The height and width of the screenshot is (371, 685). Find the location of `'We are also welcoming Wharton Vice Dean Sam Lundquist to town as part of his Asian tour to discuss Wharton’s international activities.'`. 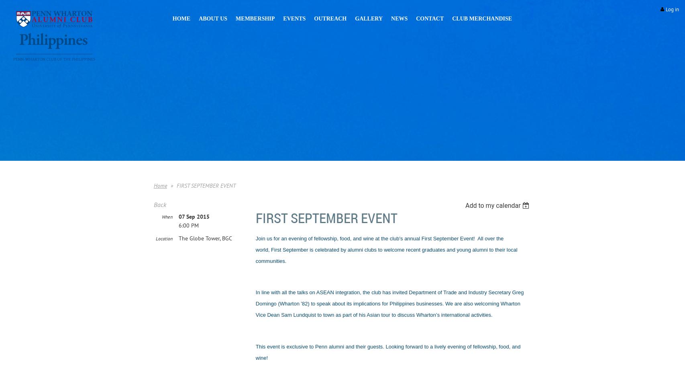

'We are also welcoming Wharton Vice Dean Sam Lundquist to town as part of his Asian tour to discuss Wharton’s international activities.' is located at coordinates (255, 309).